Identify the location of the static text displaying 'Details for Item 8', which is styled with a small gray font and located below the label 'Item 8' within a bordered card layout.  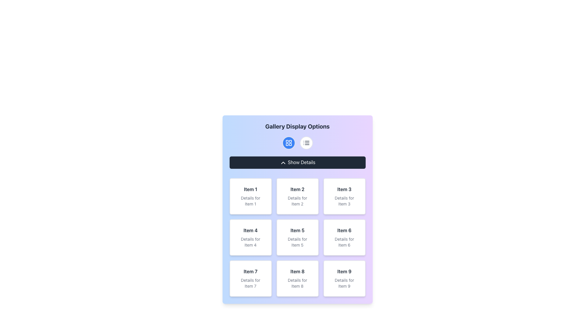
(297, 283).